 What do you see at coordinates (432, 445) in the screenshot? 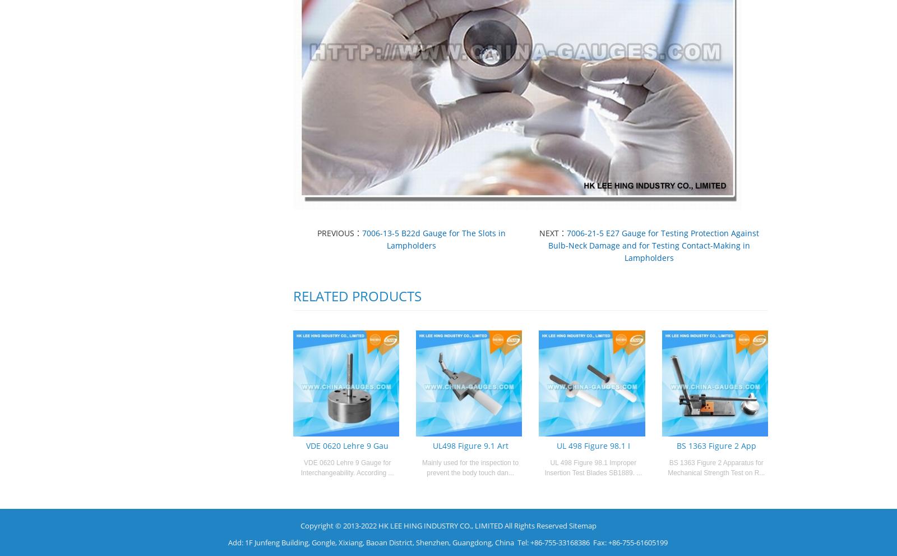
I see `'UL498 Figure 9.1 Art'` at bounding box center [432, 445].